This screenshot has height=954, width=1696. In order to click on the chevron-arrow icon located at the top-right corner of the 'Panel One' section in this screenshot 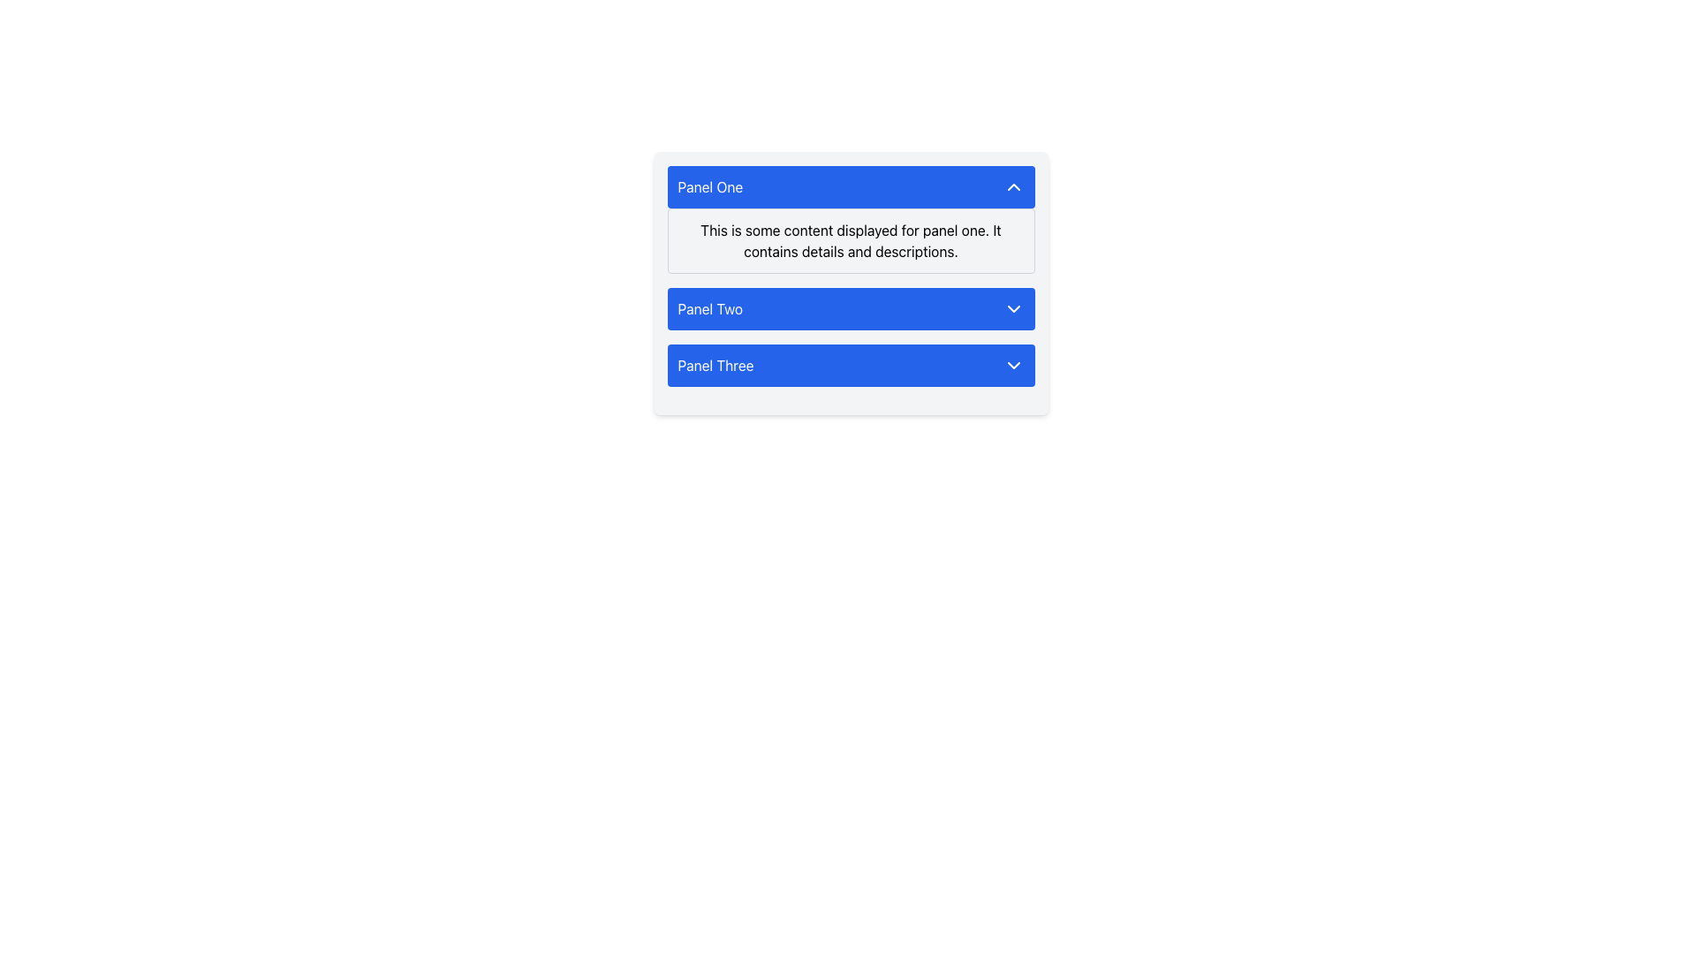, I will do `click(1013, 187)`.